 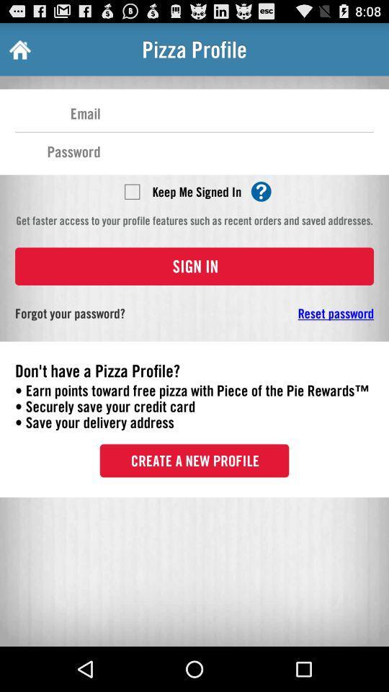 I want to click on app on the right, so click(x=292, y=313).